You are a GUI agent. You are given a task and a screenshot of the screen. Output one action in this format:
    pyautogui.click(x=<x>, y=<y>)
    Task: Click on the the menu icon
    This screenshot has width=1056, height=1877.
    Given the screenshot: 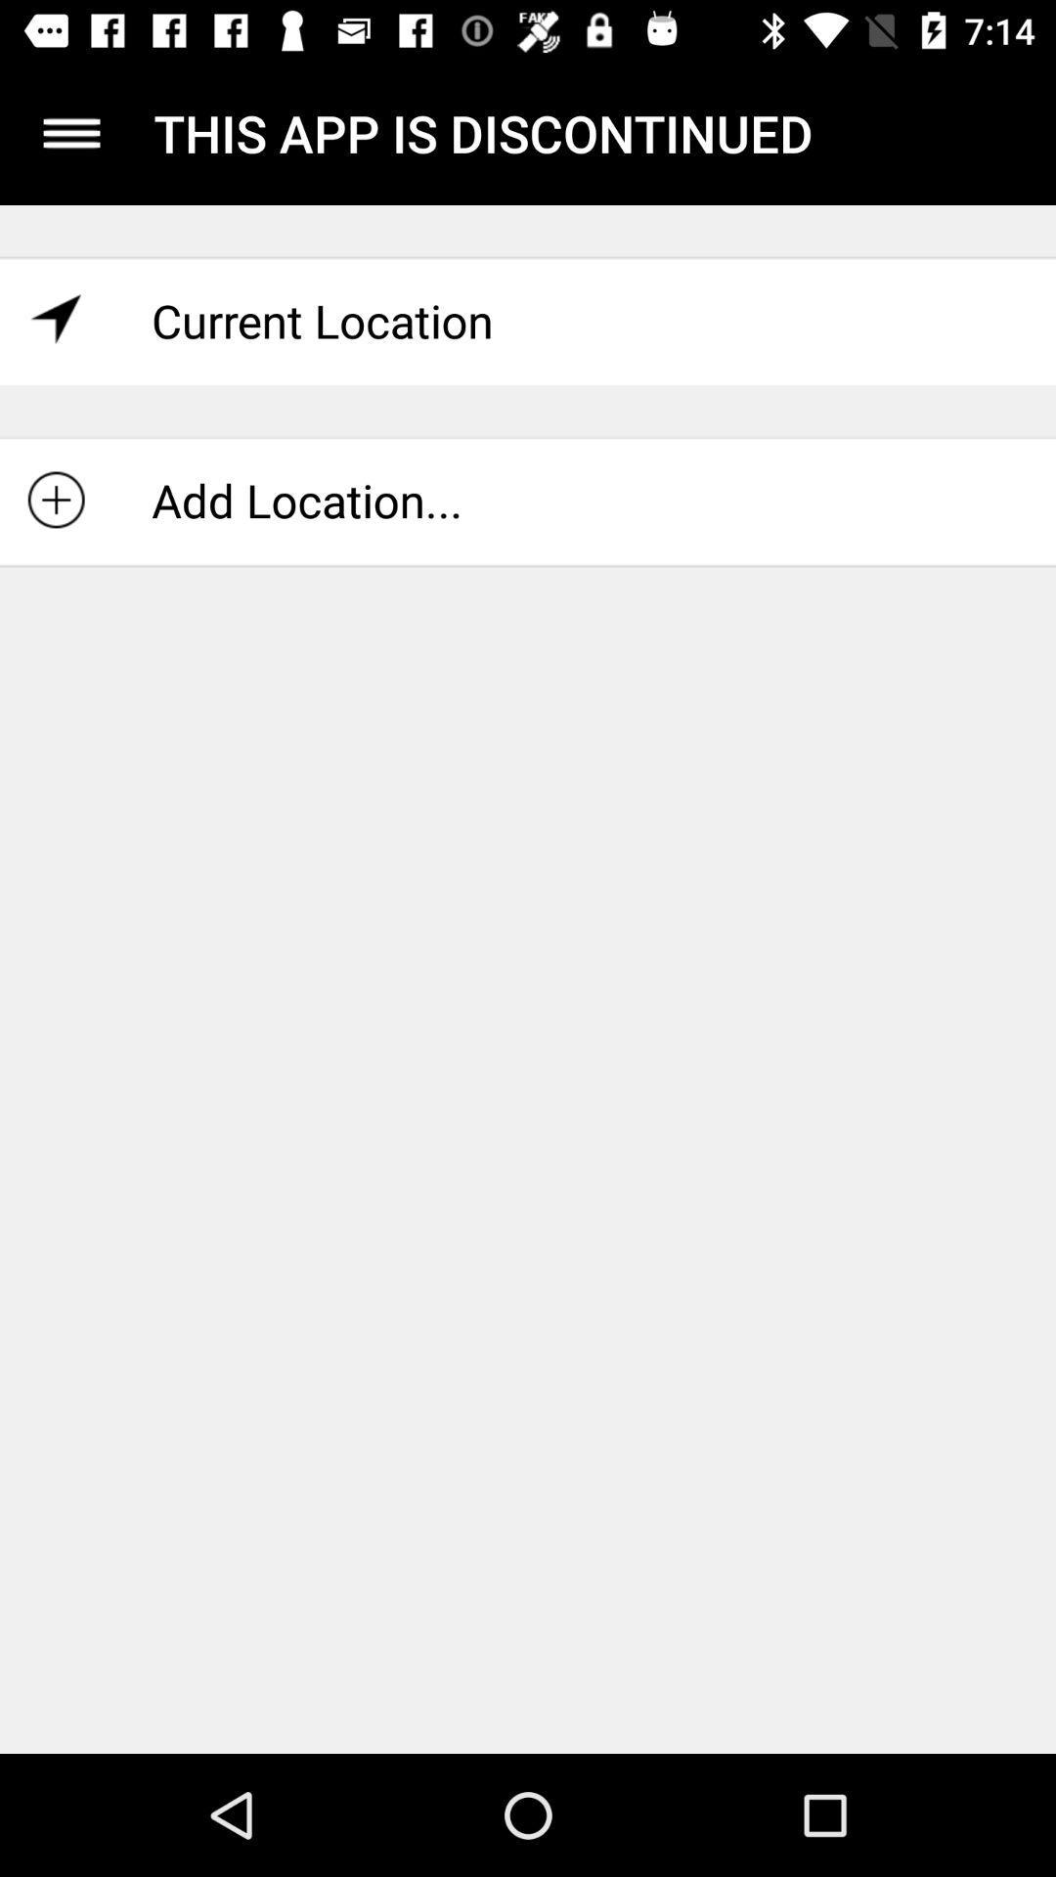 What is the action you would take?
    pyautogui.click(x=70, y=132)
    